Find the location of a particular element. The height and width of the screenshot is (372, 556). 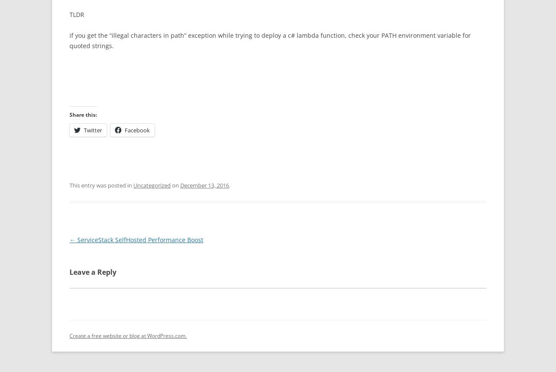

'on' is located at coordinates (170, 185).